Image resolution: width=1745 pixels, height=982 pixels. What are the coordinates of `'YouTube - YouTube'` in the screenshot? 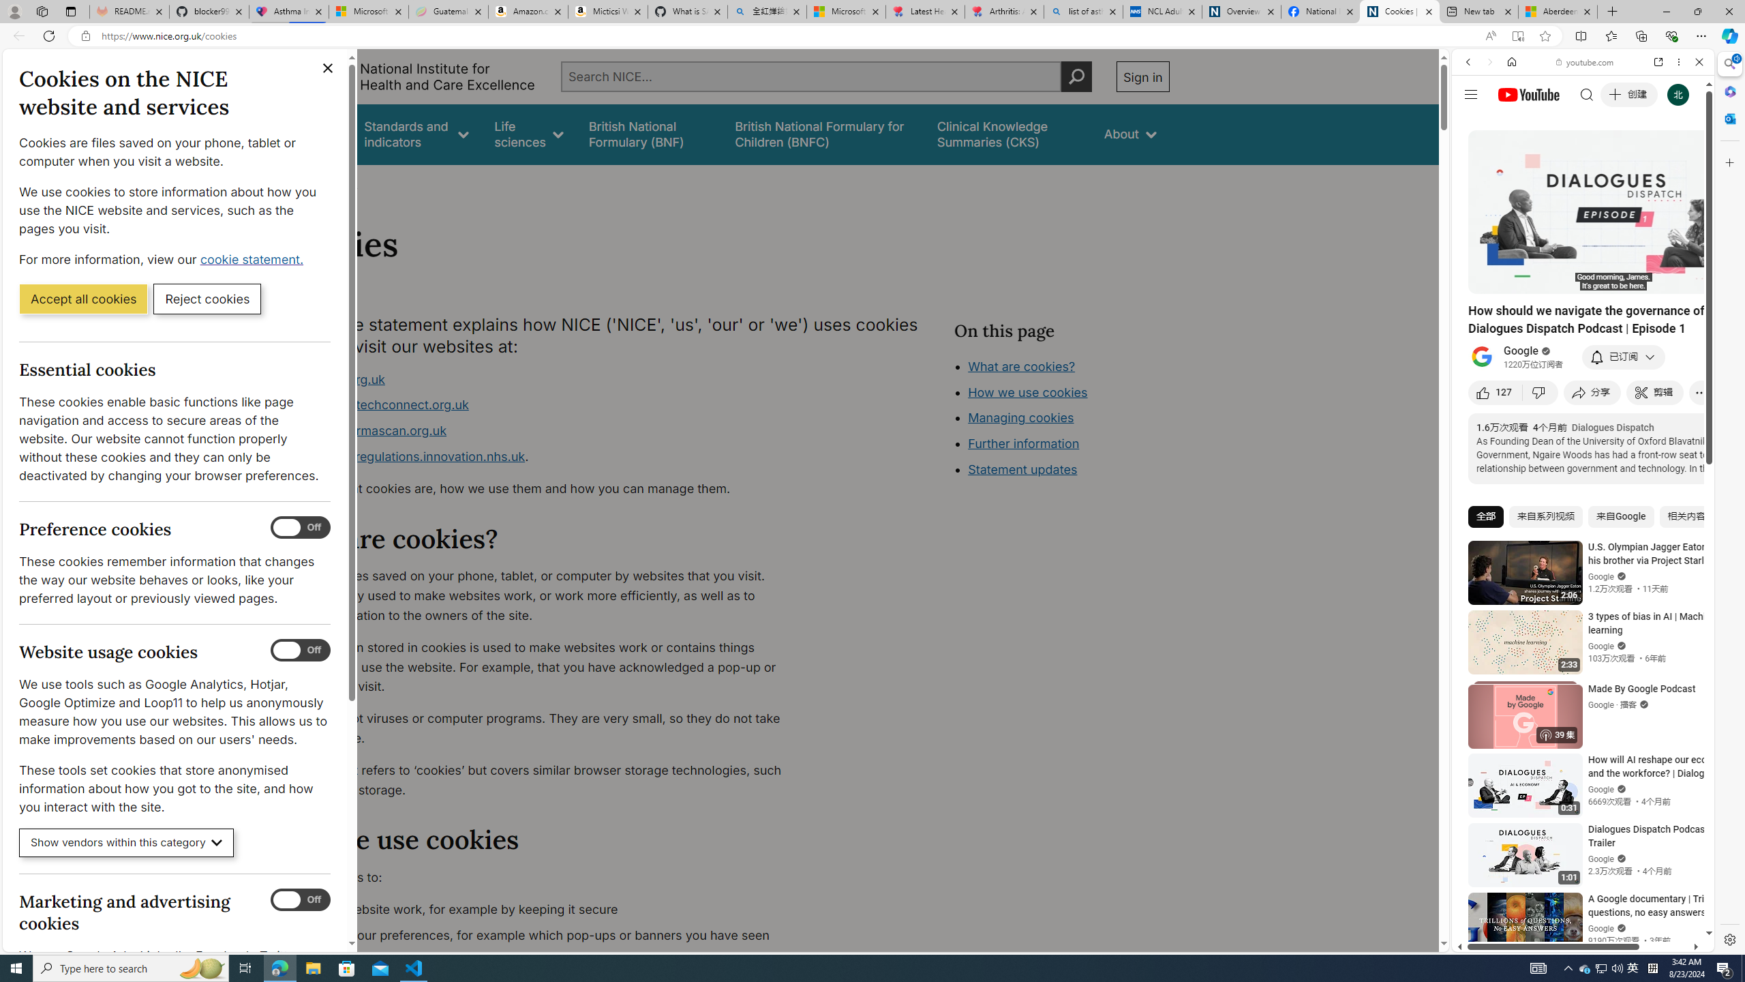 It's located at (1577, 672).